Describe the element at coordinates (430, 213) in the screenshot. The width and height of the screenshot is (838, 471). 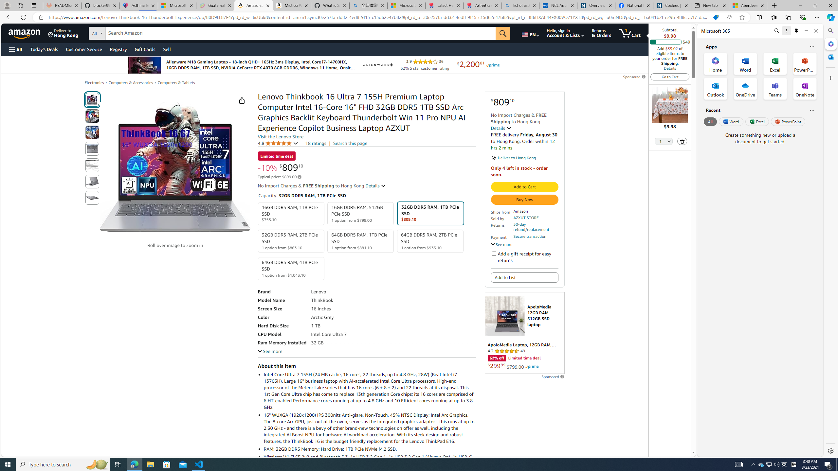
I see `'32GB DDR5 RAM, 1TB PCIe SSD $809.10'` at that location.